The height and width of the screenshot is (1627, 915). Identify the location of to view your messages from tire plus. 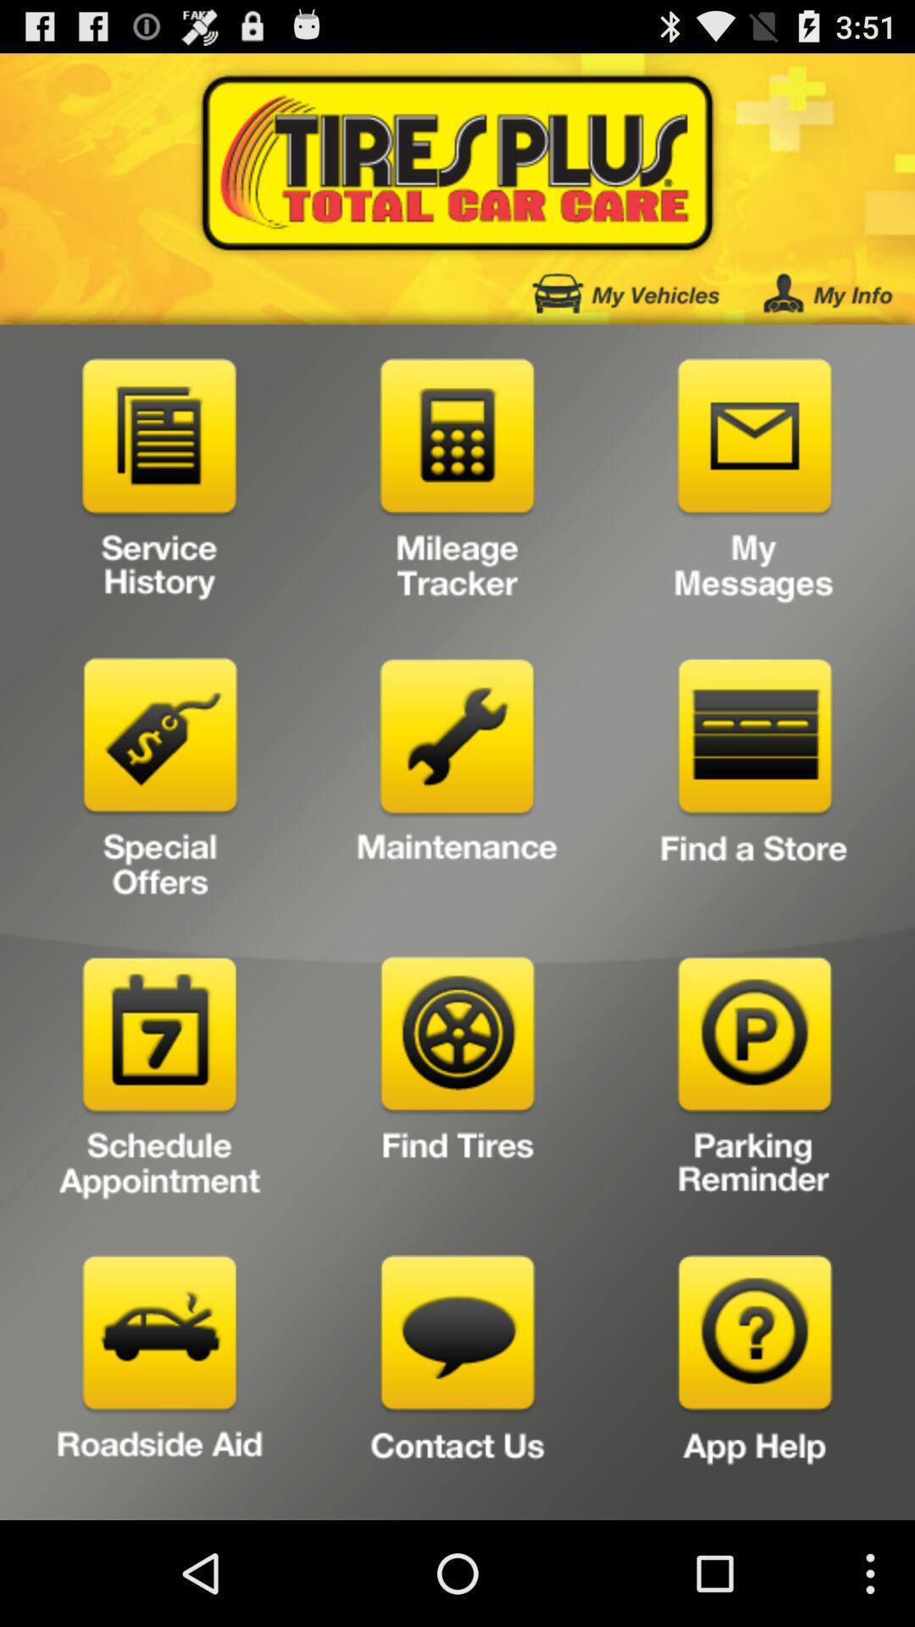
(754, 484).